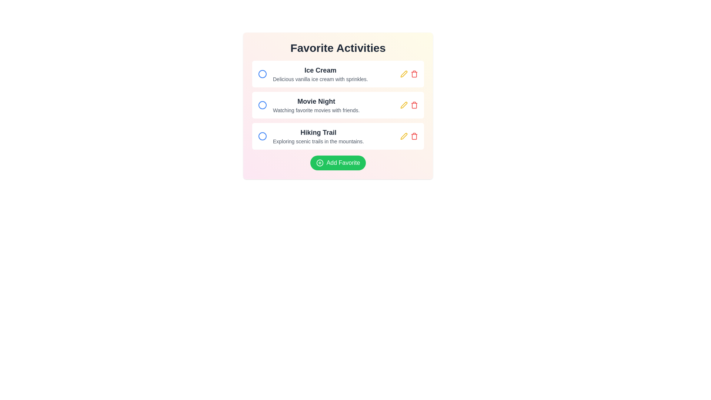 This screenshot has height=400, width=711. I want to click on the text line reading 'Watching favorite movies with friends.' which is styled in small gray font and positioned below the bold heading 'Movie Night' in the 'Favorite Activities' section, so click(316, 110).